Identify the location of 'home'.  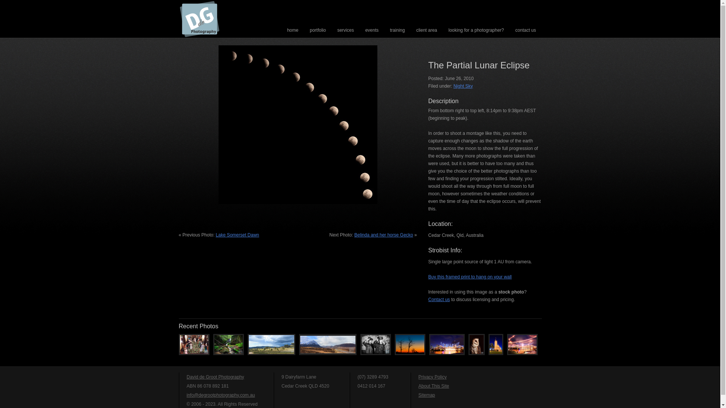
(292, 31).